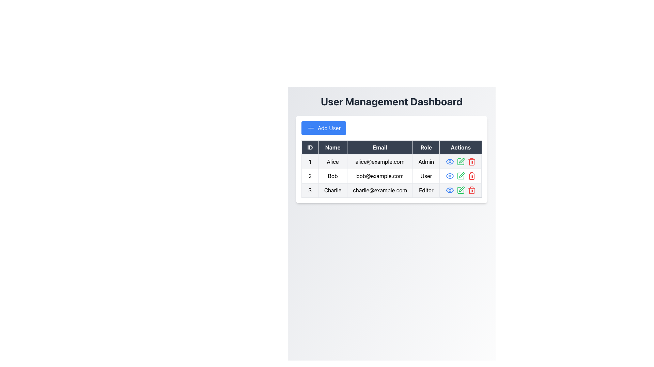  I want to click on the 'Name' column header in the table, which is located between the 'ID' and 'Email' headers, so click(333, 147).